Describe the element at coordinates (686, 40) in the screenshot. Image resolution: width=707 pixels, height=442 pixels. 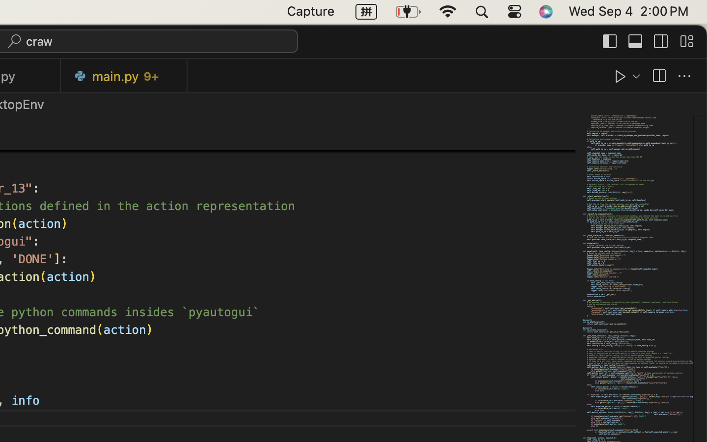
I see `''` at that location.